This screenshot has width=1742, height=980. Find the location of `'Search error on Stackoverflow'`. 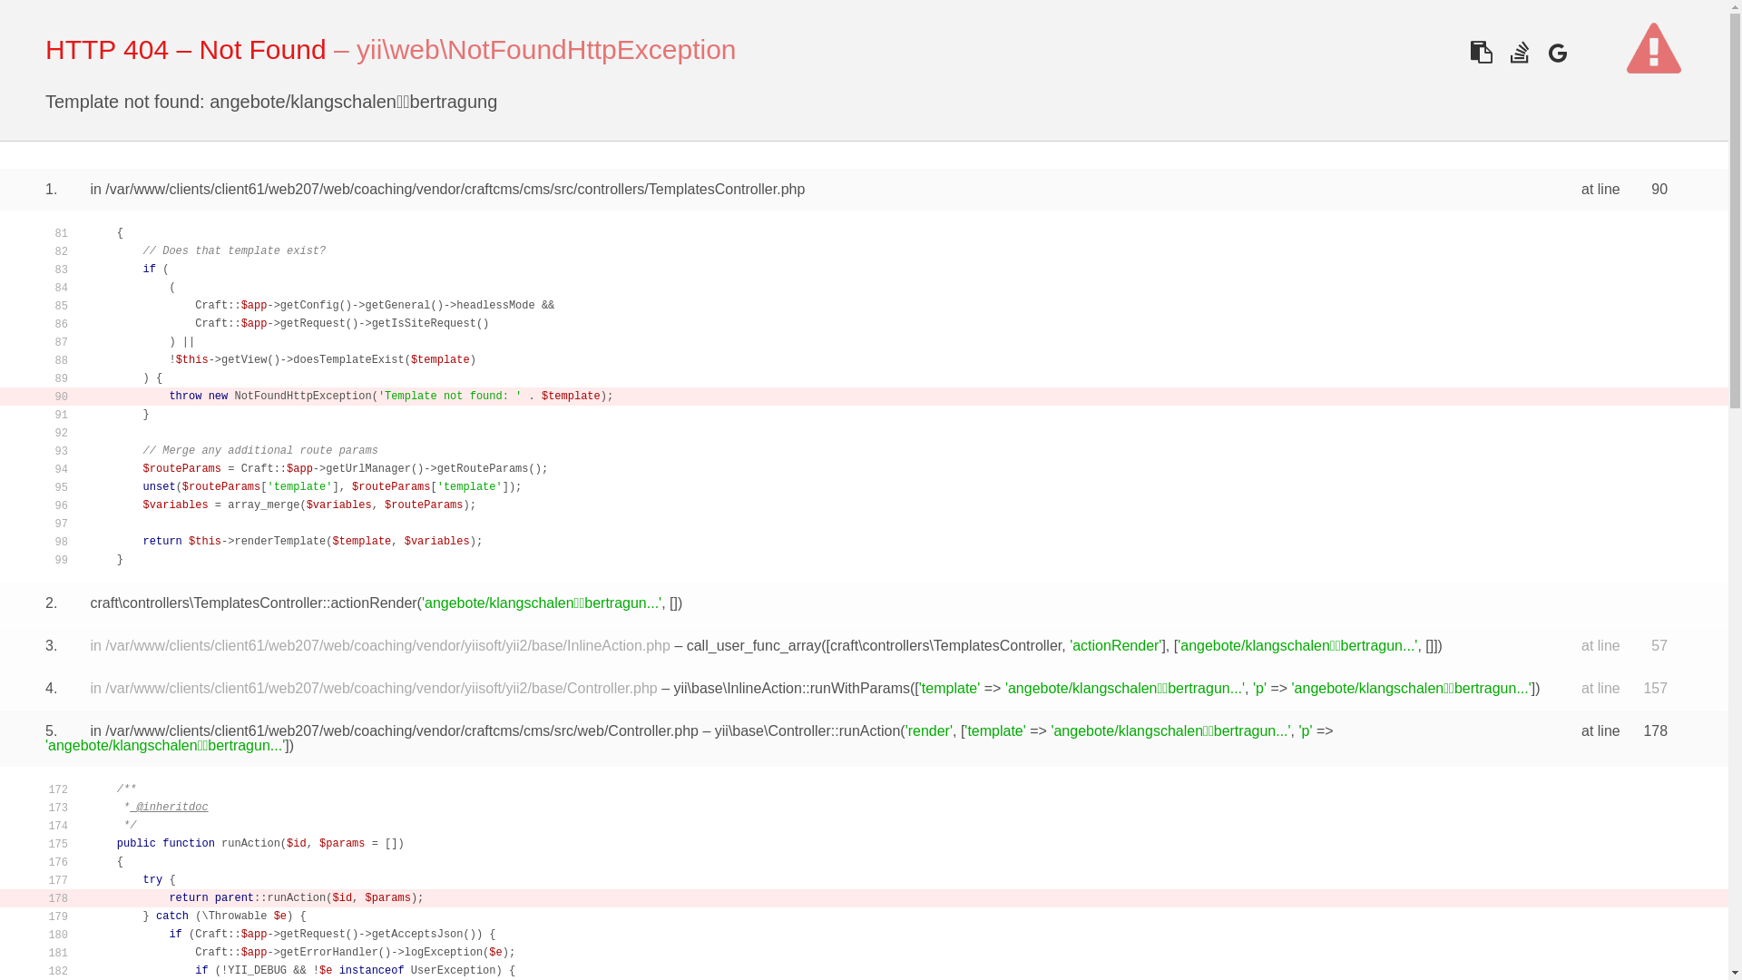

'Search error on Stackoverflow' is located at coordinates (1519, 51).